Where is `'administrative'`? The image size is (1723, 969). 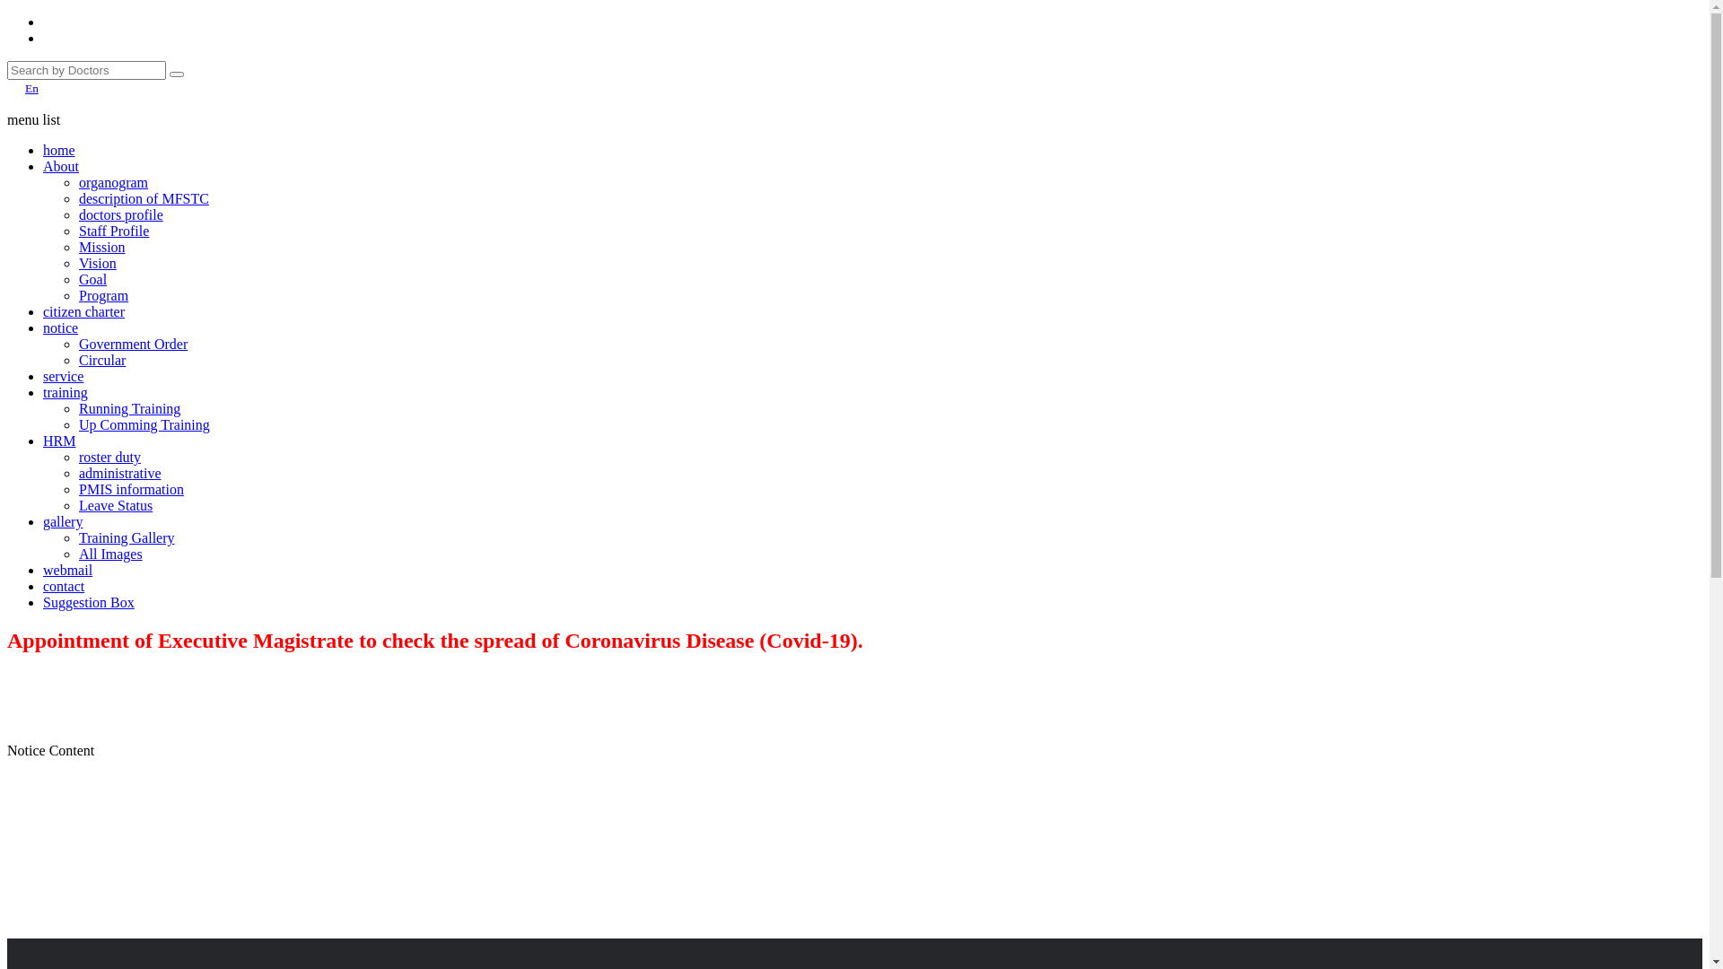
'administrative' is located at coordinates (119, 472).